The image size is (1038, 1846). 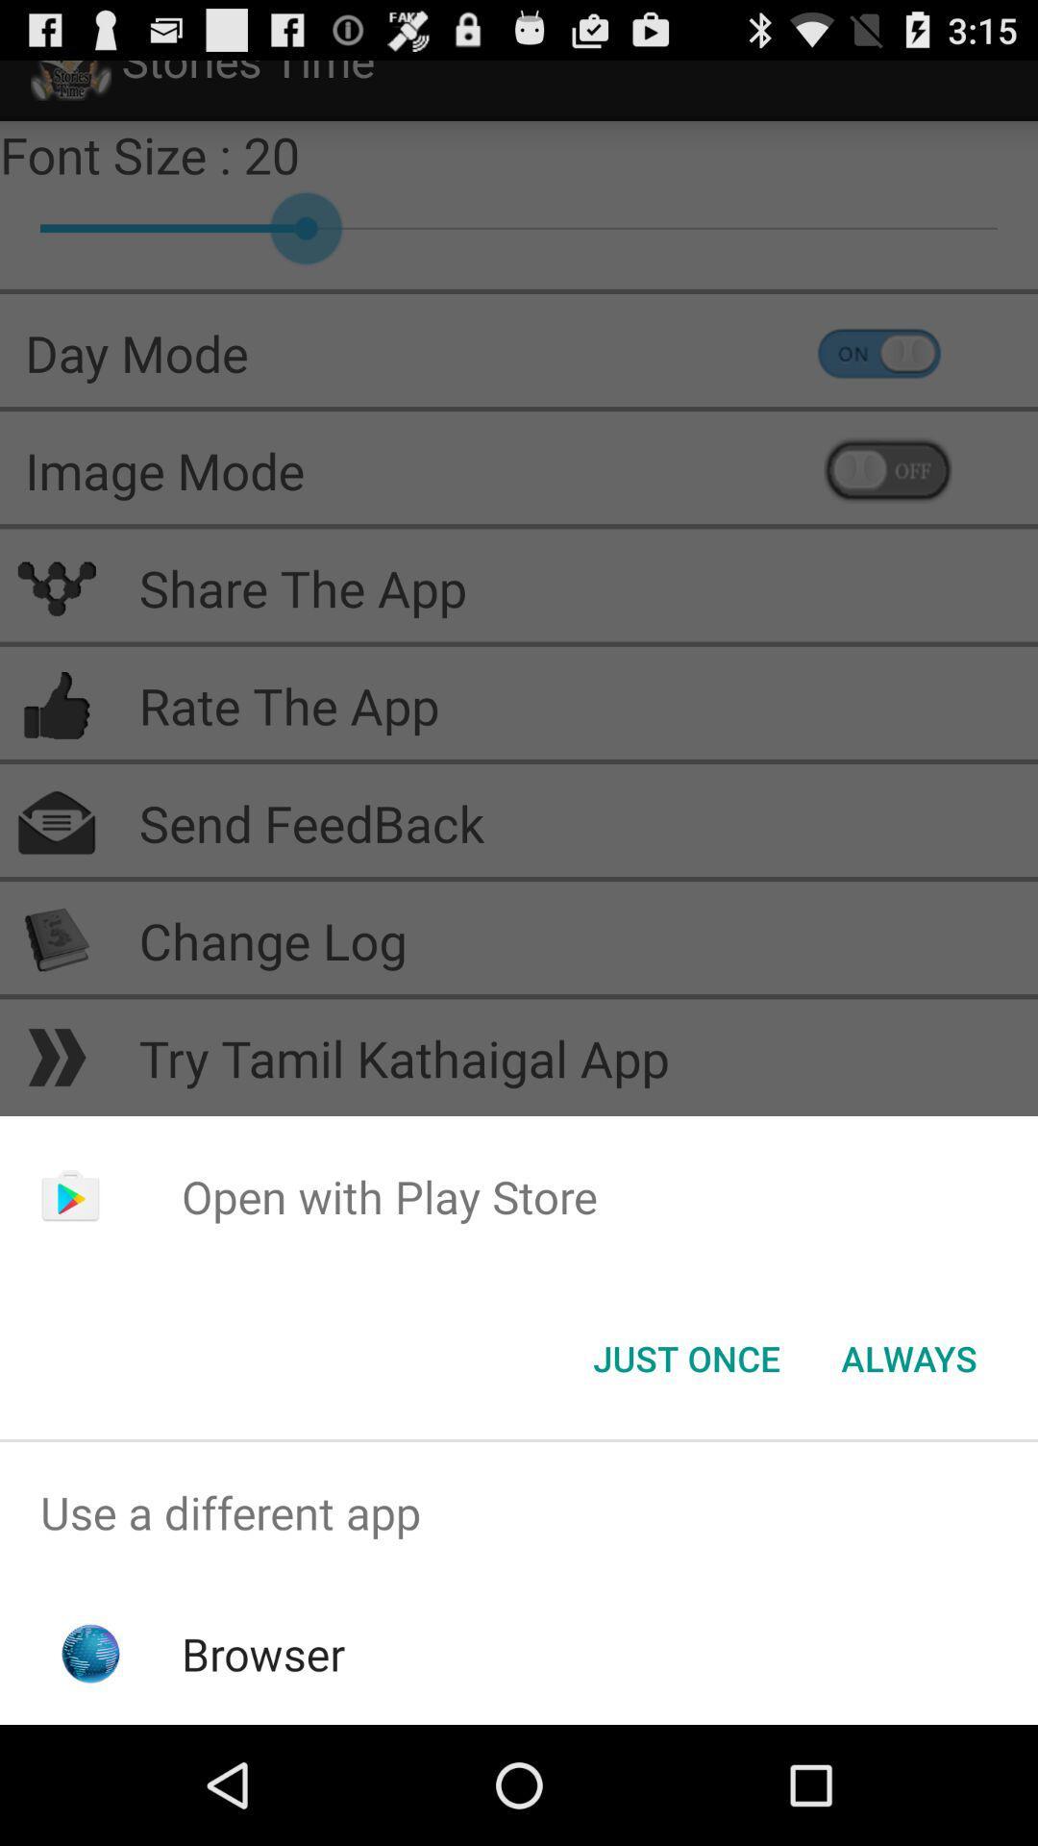 What do you see at coordinates (263, 1653) in the screenshot?
I see `the browser item` at bounding box center [263, 1653].